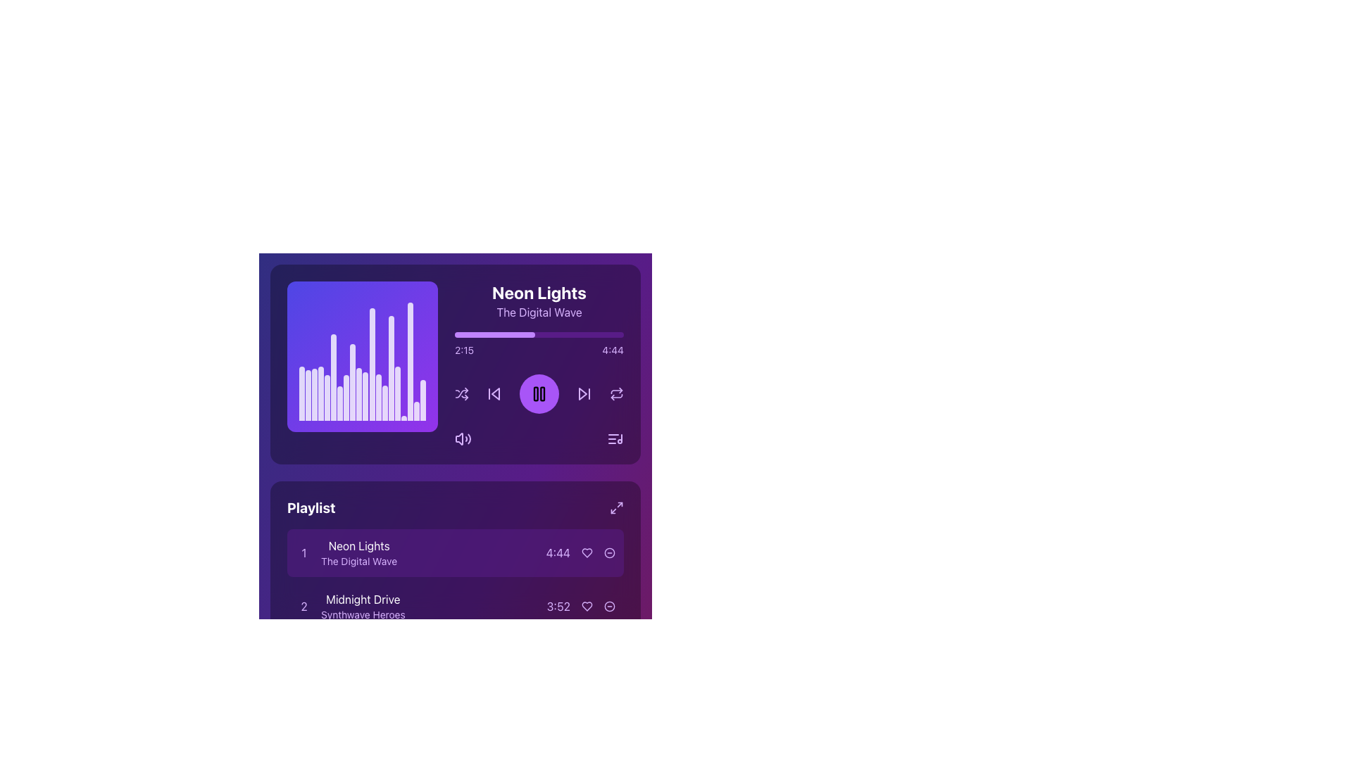 This screenshot has width=1352, height=760. Describe the element at coordinates (530, 334) in the screenshot. I see `the progress` at that location.